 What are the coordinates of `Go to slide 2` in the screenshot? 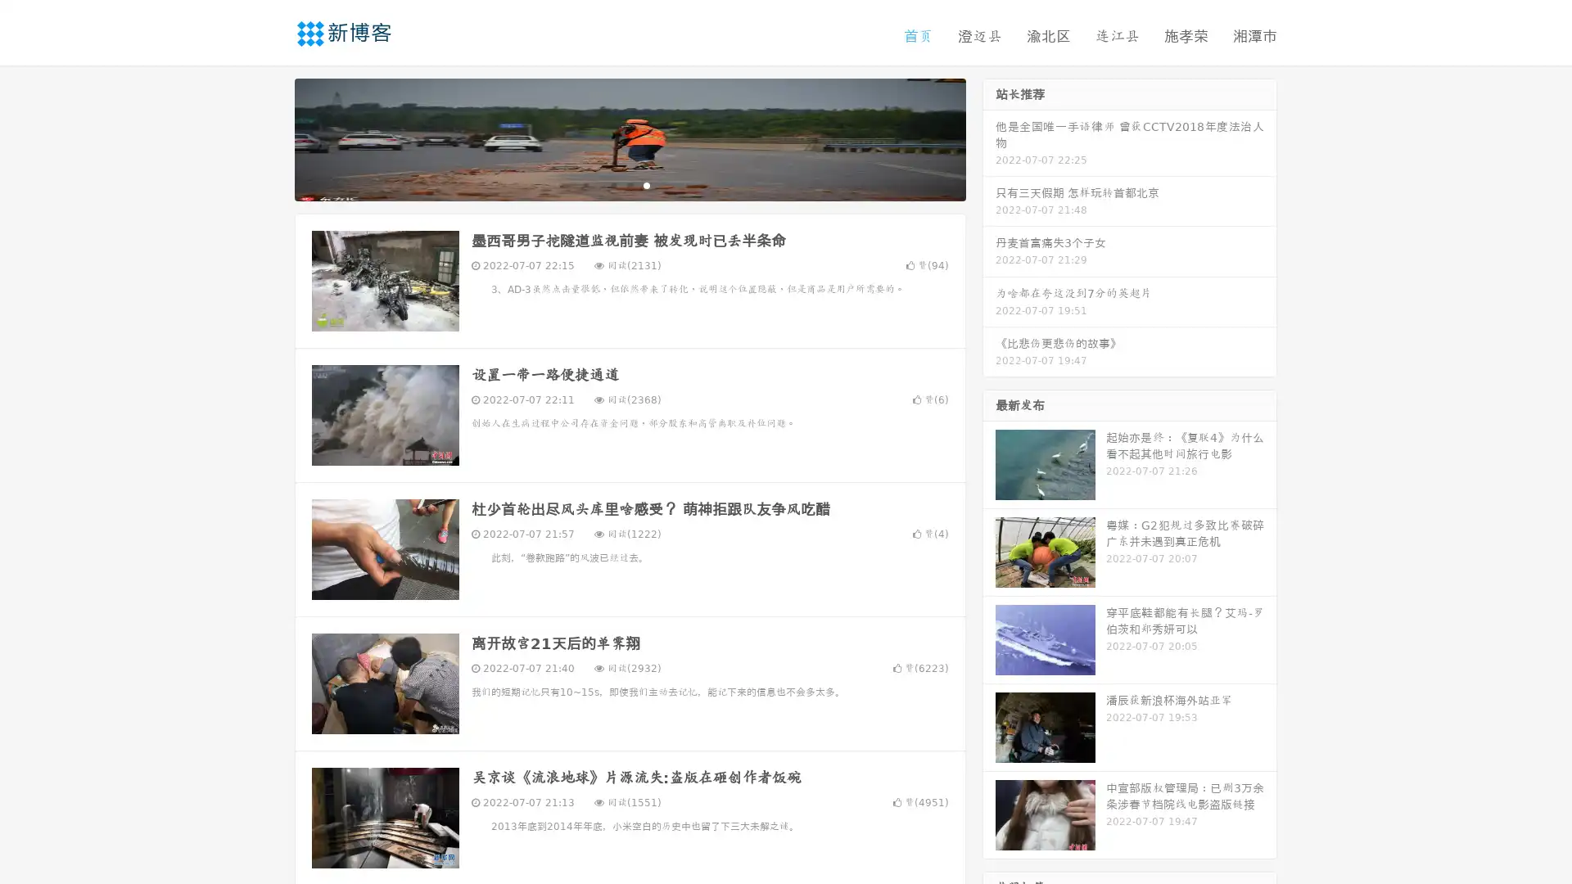 It's located at (629, 184).